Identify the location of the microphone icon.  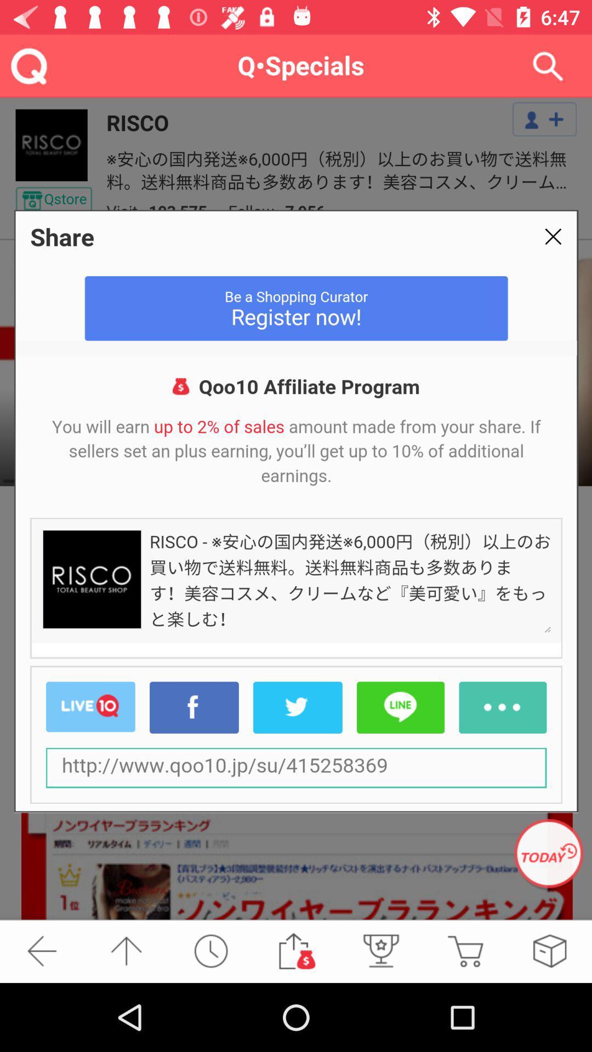
(379, 950).